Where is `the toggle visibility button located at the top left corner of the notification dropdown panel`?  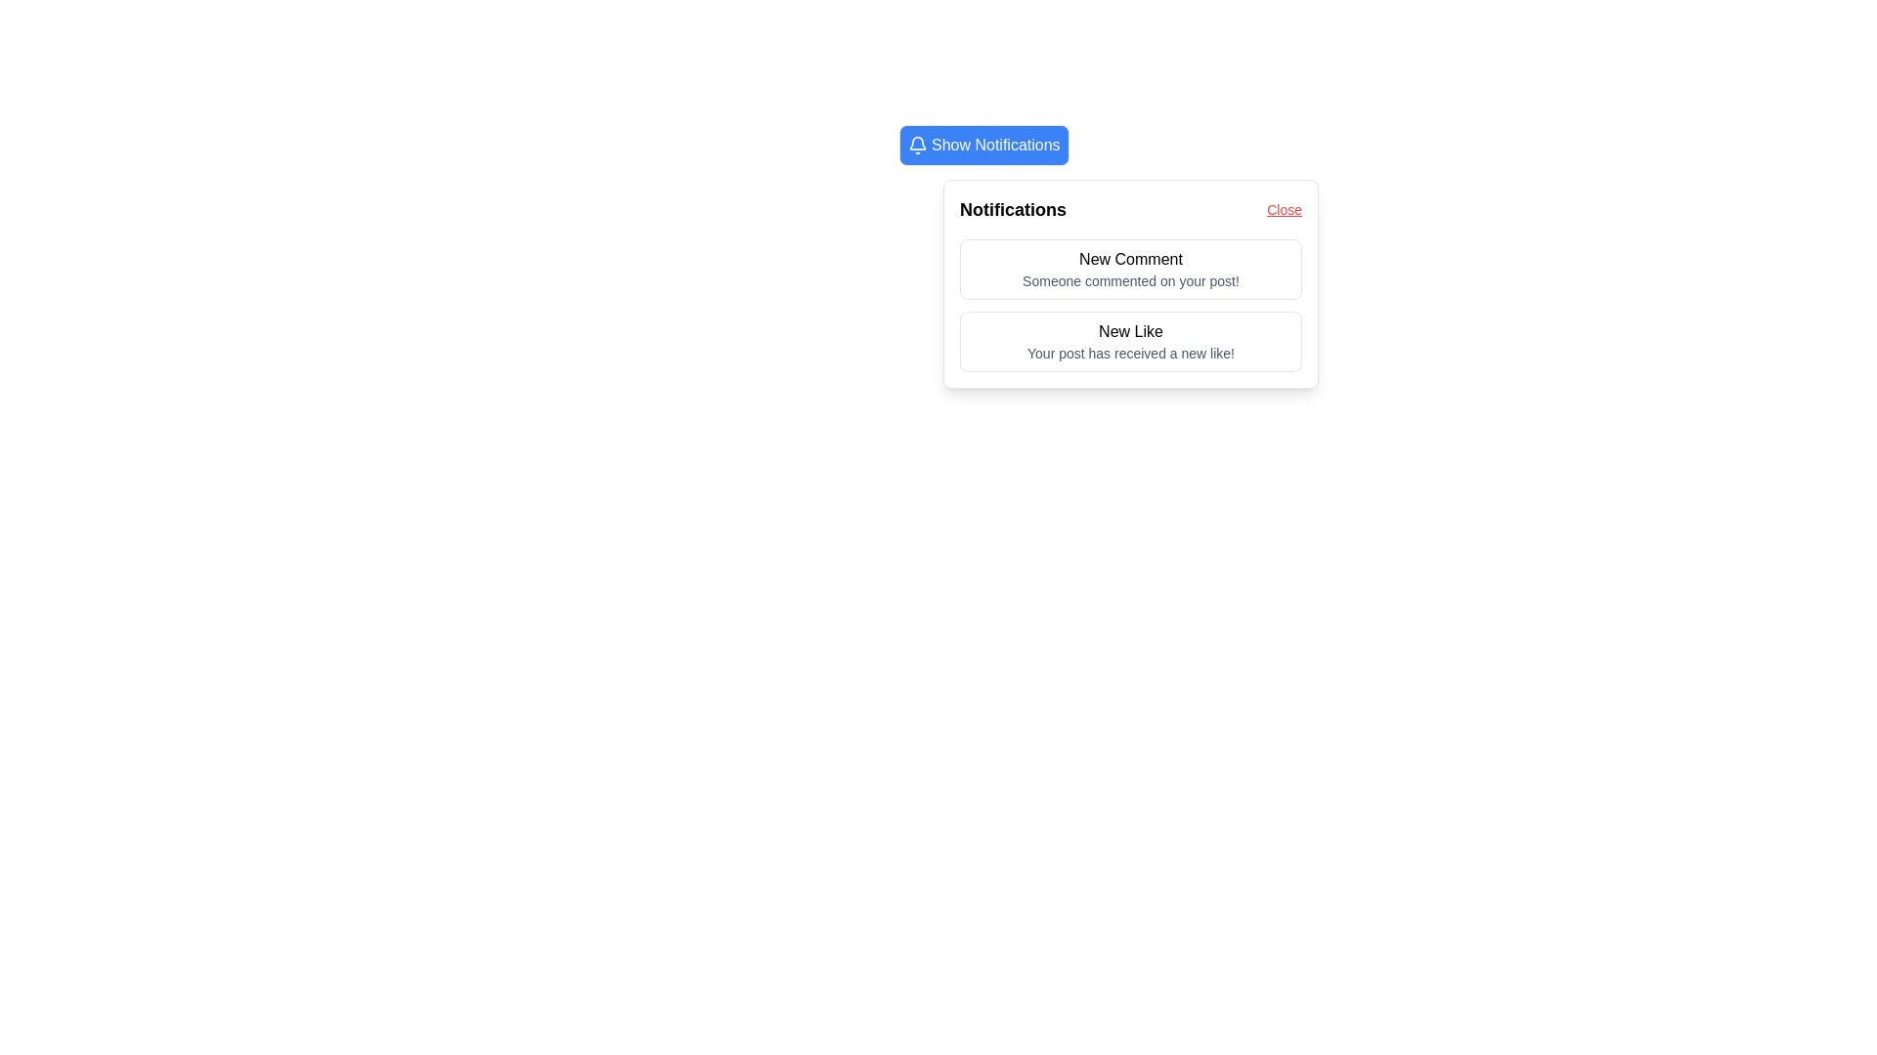
the toggle visibility button located at the top left corner of the notification dropdown panel is located at coordinates (1109, 145).